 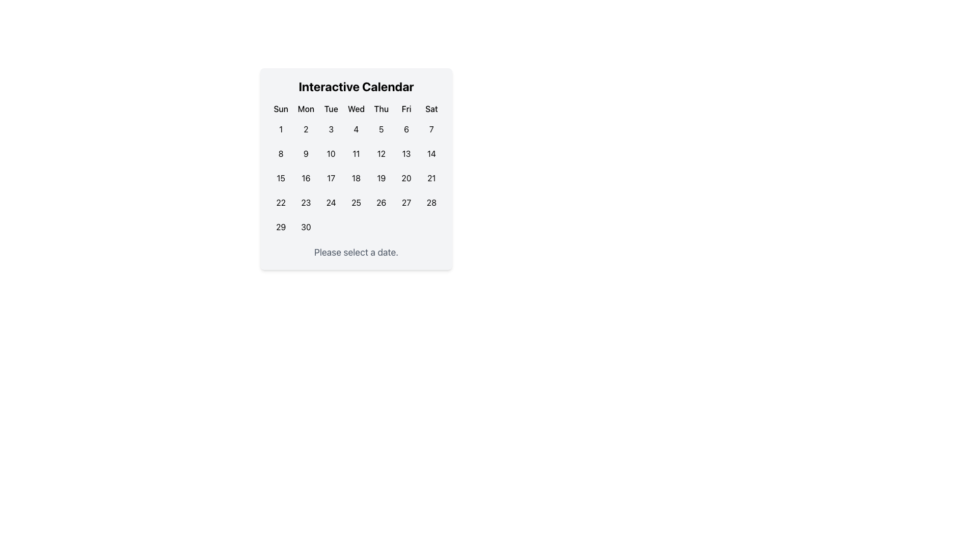 What do you see at coordinates (406, 108) in the screenshot?
I see `the sixth day label in the calendar interface that indicates the day of the week, positioned above the date numbers` at bounding box center [406, 108].